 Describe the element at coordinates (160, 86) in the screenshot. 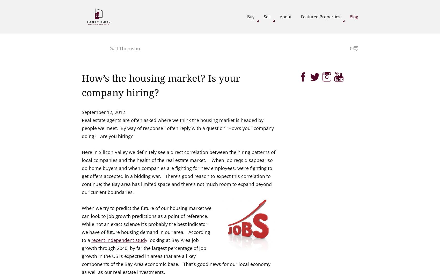

I see `'How’s the housing market? Is your company hiring?'` at that location.